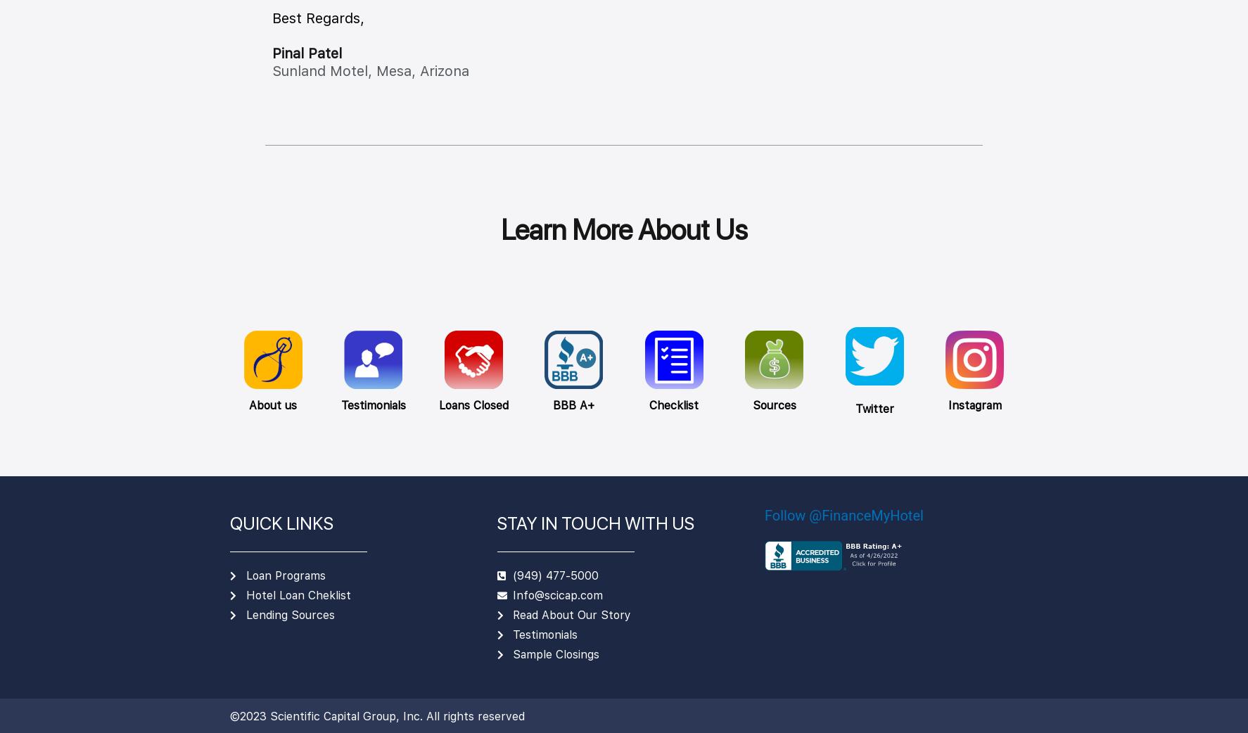  I want to click on 'Pinal Patel', so click(306, 52).